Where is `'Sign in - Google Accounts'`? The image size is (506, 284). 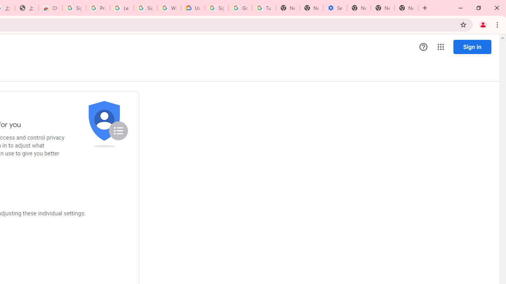 'Sign in - Google Accounts' is located at coordinates (74, 8).